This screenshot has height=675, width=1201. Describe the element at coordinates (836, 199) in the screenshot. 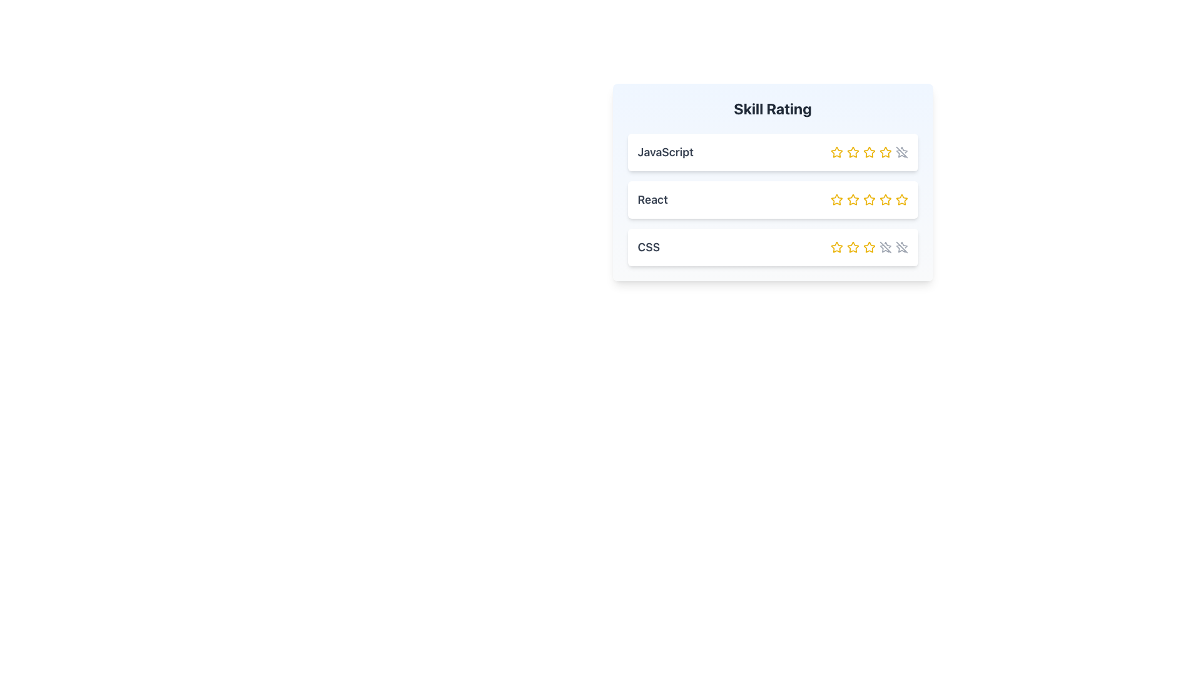

I see `the first star icon in the 'React' skill category` at that location.